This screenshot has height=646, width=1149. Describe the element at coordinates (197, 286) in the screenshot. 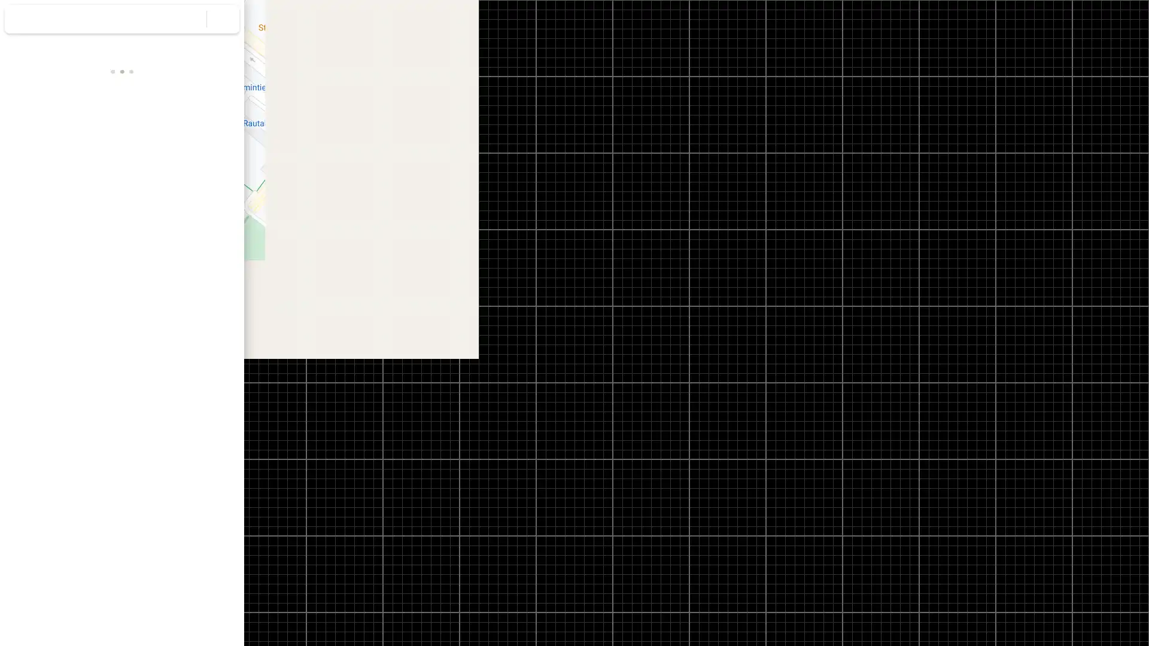

I see `Copy plus code` at that location.